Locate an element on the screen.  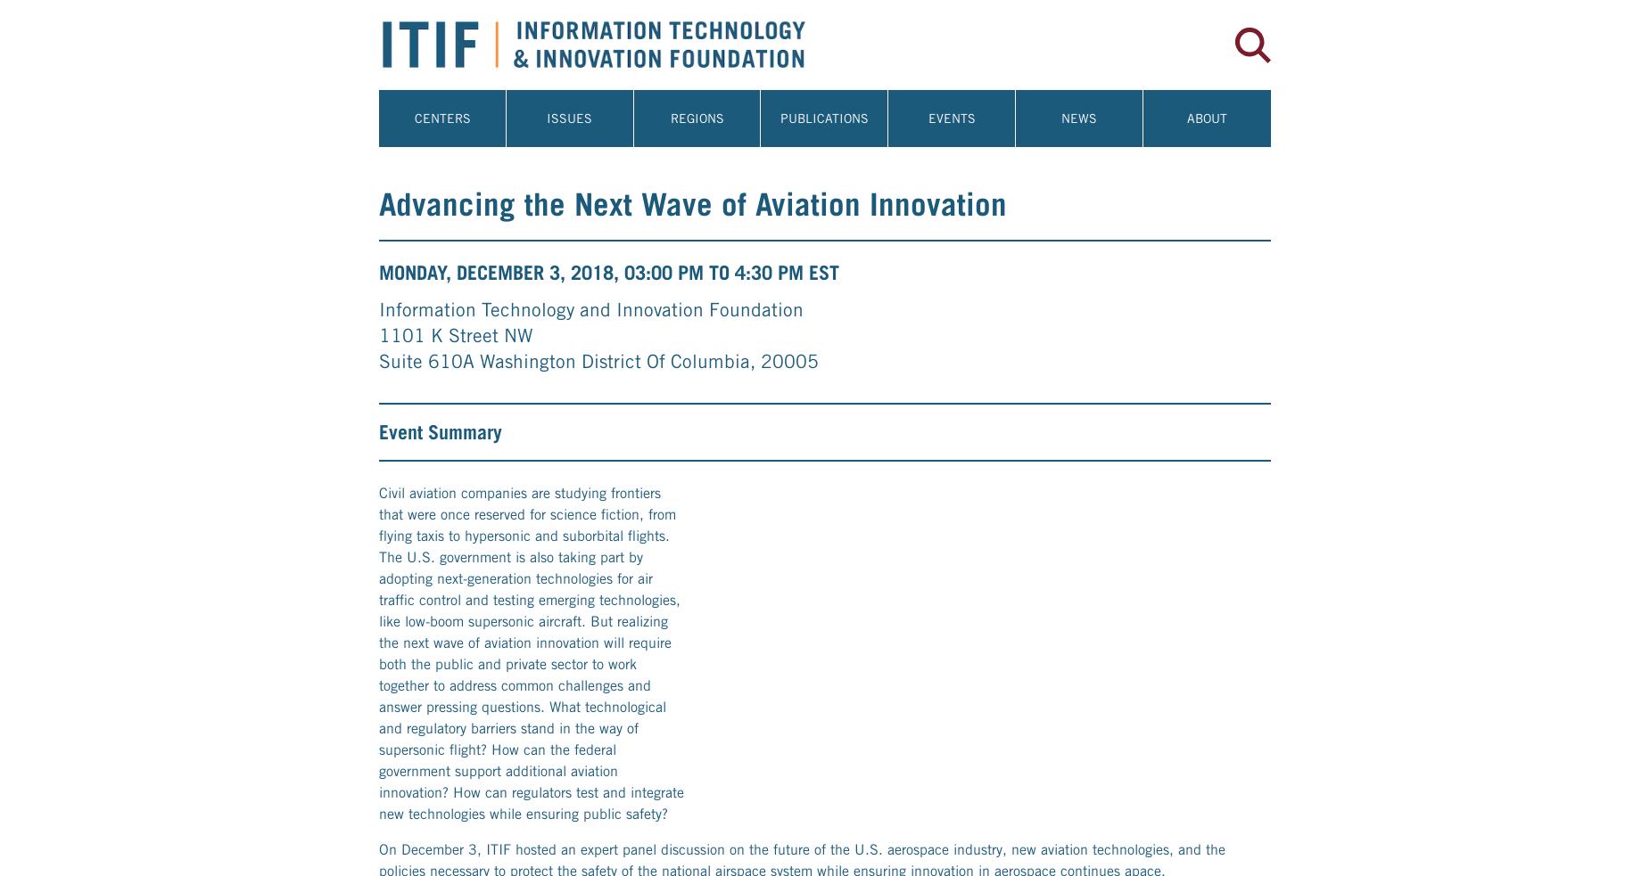
'Greg' is located at coordinates (465, 845).